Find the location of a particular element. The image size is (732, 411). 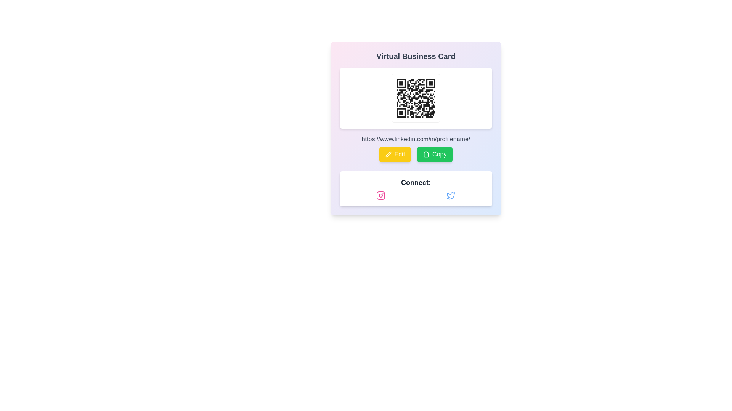

the green 'Copy' button containing the clipboard icon, which is located on the right-hand side below a link and adjacent is located at coordinates (426, 154).